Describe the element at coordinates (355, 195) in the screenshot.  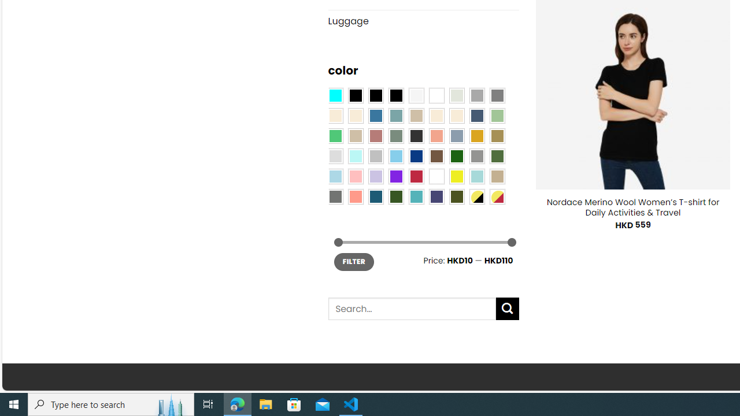
I see `'Peach Pink'` at that location.